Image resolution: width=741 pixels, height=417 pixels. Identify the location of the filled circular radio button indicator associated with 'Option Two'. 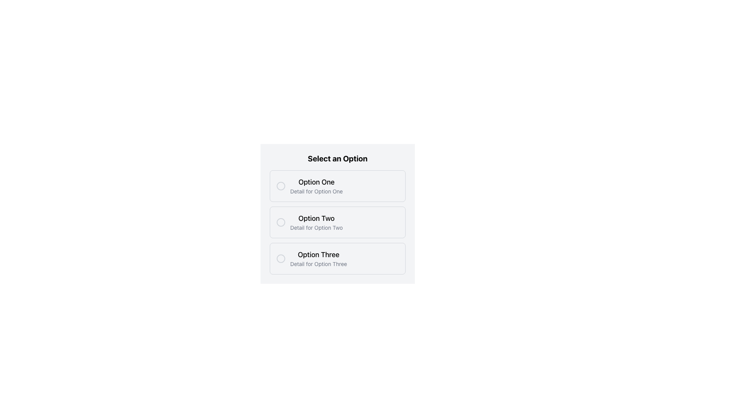
(281, 222).